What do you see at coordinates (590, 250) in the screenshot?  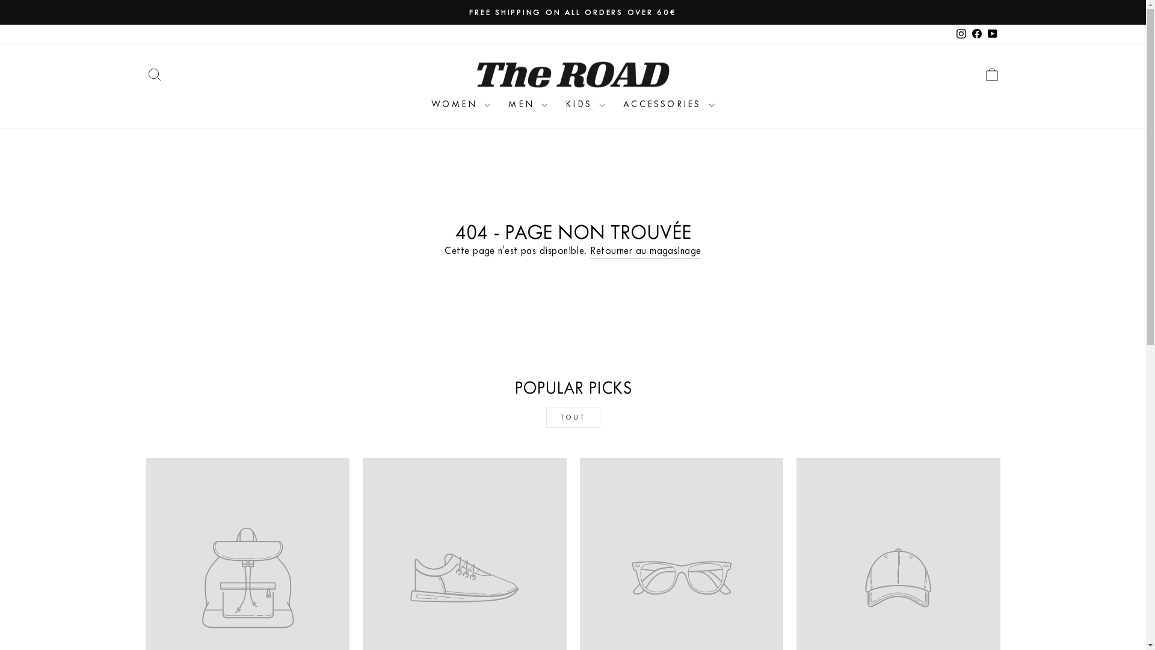 I see `'Retourner au magasinage'` at bounding box center [590, 250].